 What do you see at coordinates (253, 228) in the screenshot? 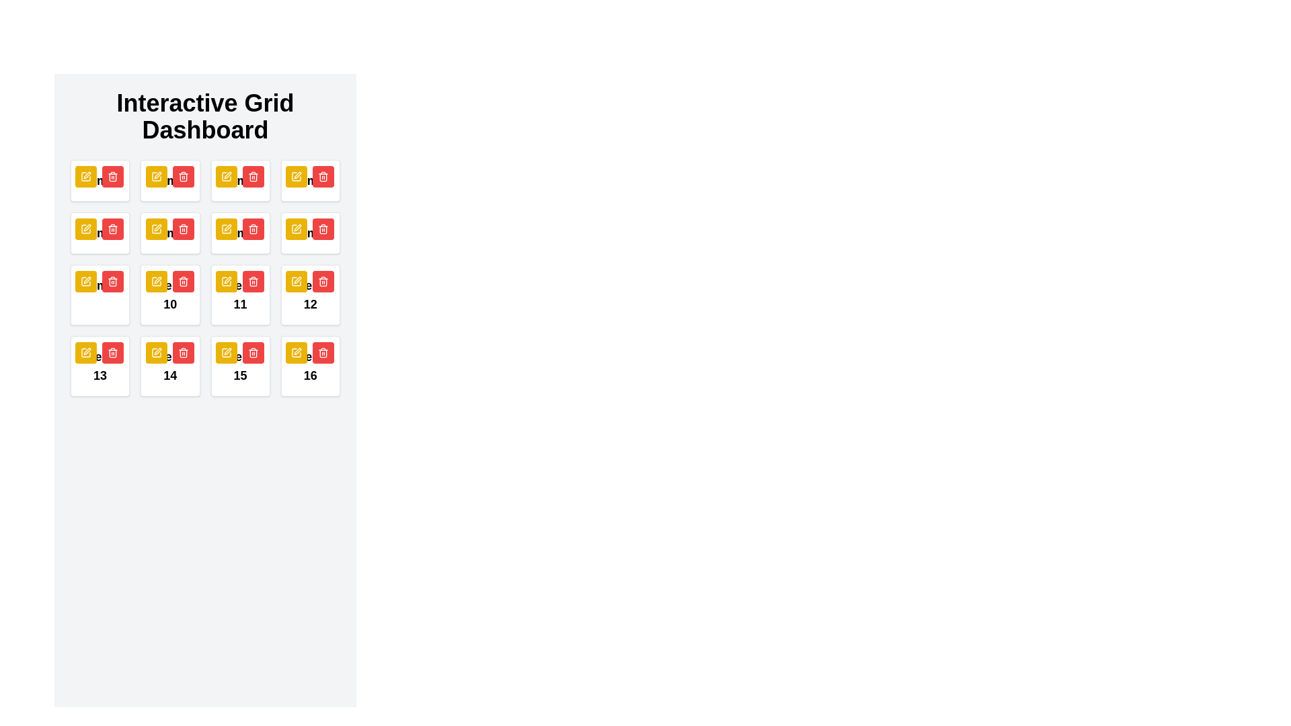
I see `the small trash bin icon with a red background and white outlines located in the grid cell representing item 11` at bounding box center [253, 228].